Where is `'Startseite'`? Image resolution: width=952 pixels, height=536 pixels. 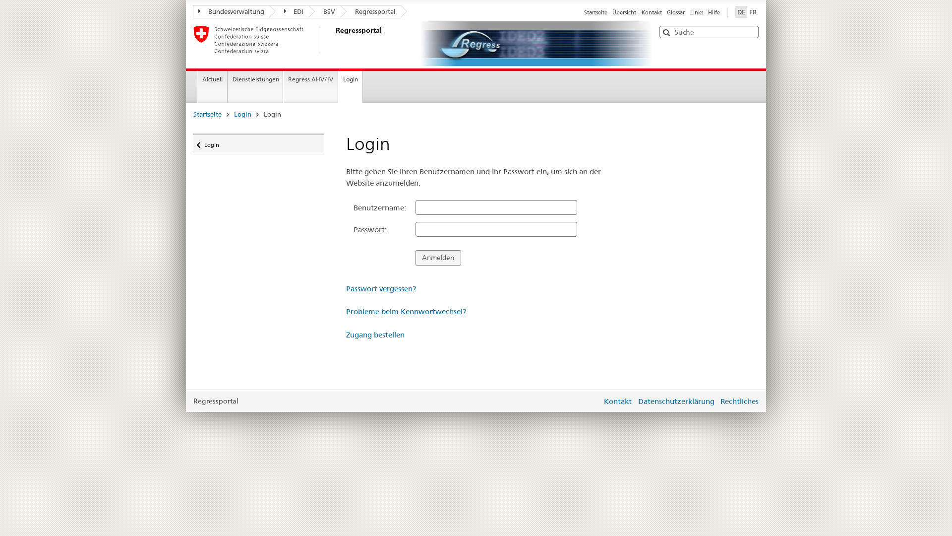 'Startseite' is located at coordinates (595, 12).